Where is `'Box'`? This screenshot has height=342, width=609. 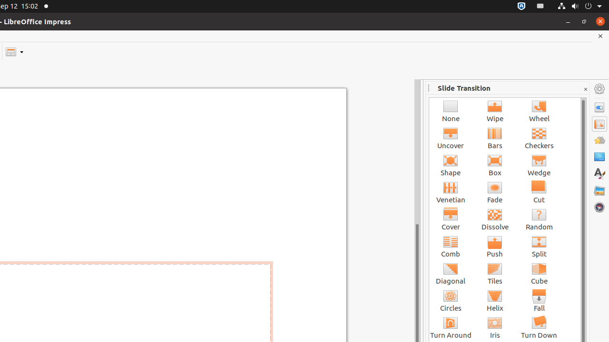
'Box' is located at coordinates (495, 164).